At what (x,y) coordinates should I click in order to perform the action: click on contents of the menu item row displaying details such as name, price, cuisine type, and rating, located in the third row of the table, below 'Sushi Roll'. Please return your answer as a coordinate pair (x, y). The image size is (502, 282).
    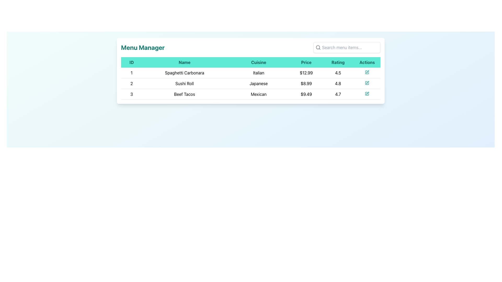
    Looking at the image, I should click on (250, 94).